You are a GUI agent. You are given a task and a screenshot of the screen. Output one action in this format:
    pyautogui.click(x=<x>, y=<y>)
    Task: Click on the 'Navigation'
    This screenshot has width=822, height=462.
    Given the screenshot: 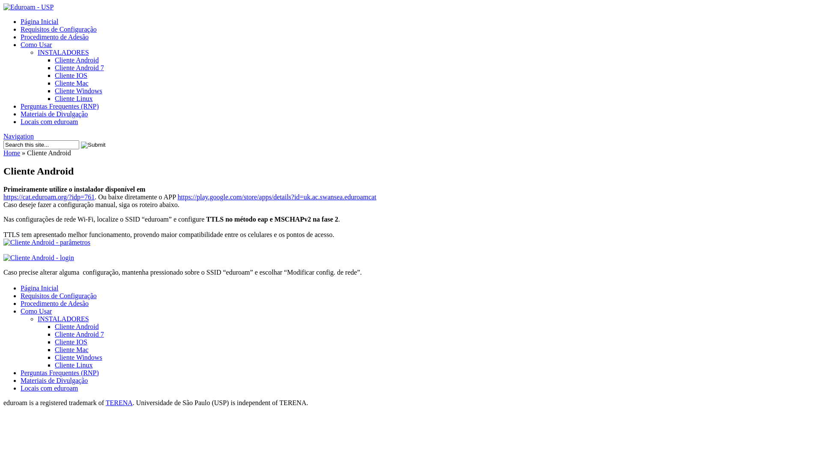 What is the action you would take?
    pyautogui.click(x=18, y=136)
    